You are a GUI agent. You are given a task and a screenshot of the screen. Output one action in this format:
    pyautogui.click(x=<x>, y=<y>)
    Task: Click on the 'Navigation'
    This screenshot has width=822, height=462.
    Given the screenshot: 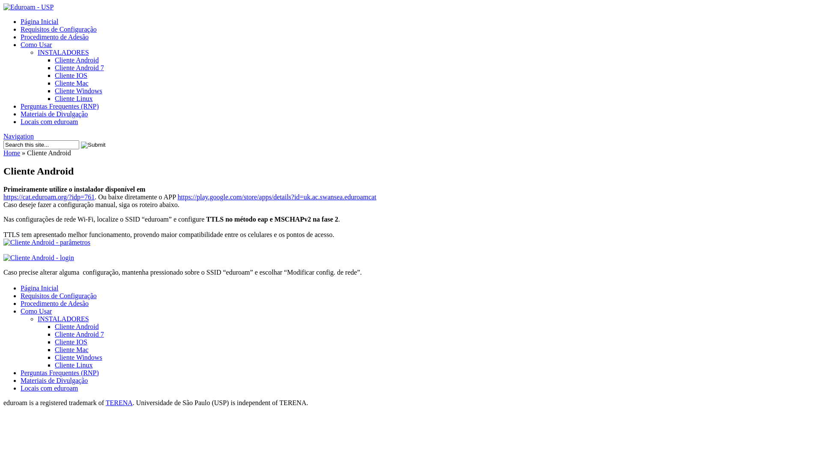 What is the action you would take?
    pyautogui.click(x=18, y=136)
    